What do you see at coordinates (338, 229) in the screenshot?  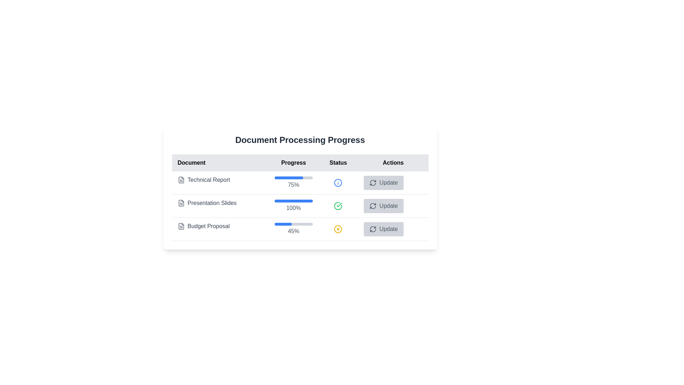 I see `the warning icon indicating an issue status related to the 'Budget Proposal' entry, located in the 'Status' column of the table, specifically the third icon from the top` at bounding box center [338, 229].